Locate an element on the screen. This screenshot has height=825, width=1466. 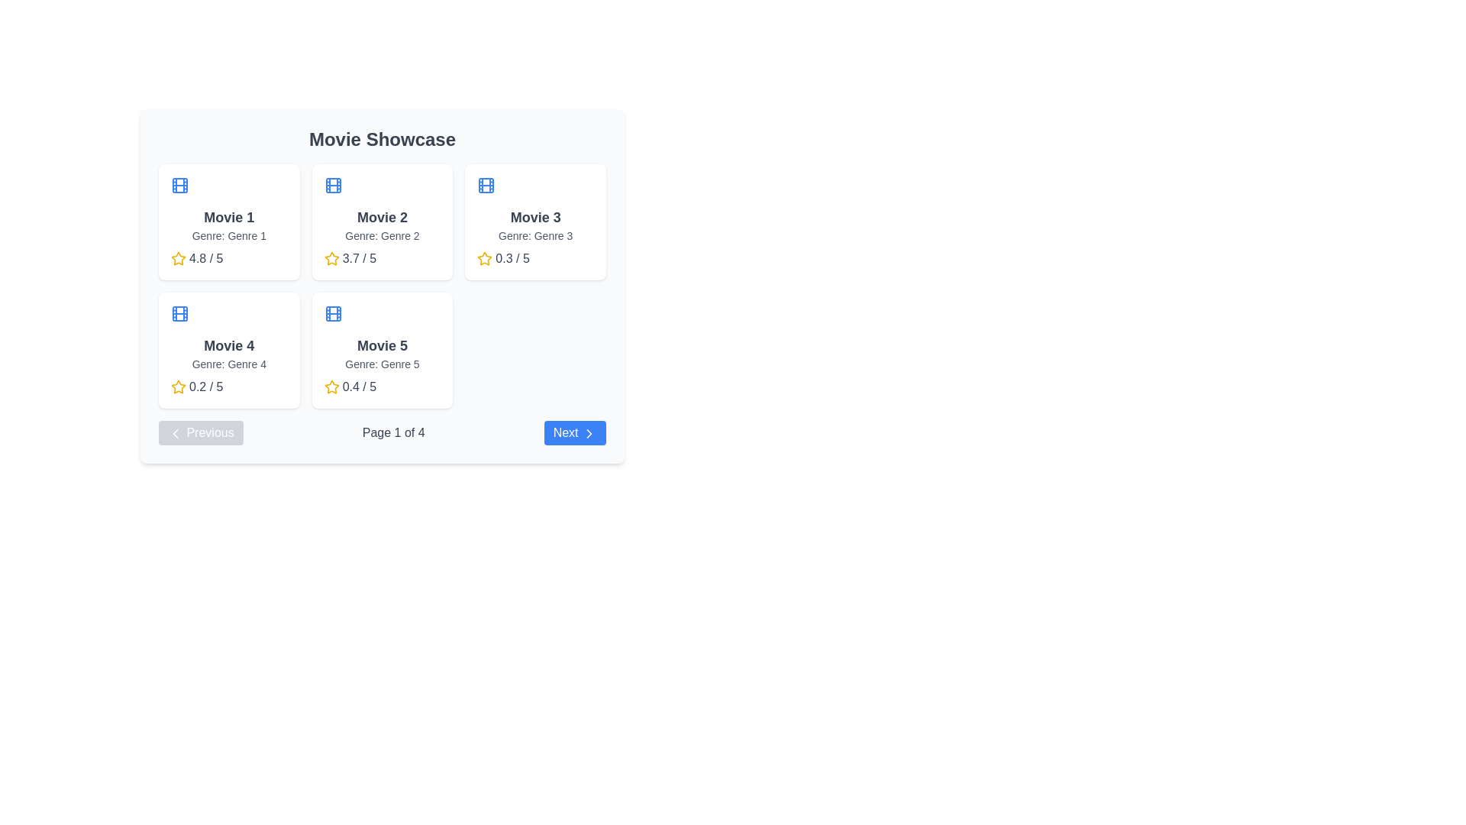
the second movie card in the grid layout is located at coordinates (382, 222).